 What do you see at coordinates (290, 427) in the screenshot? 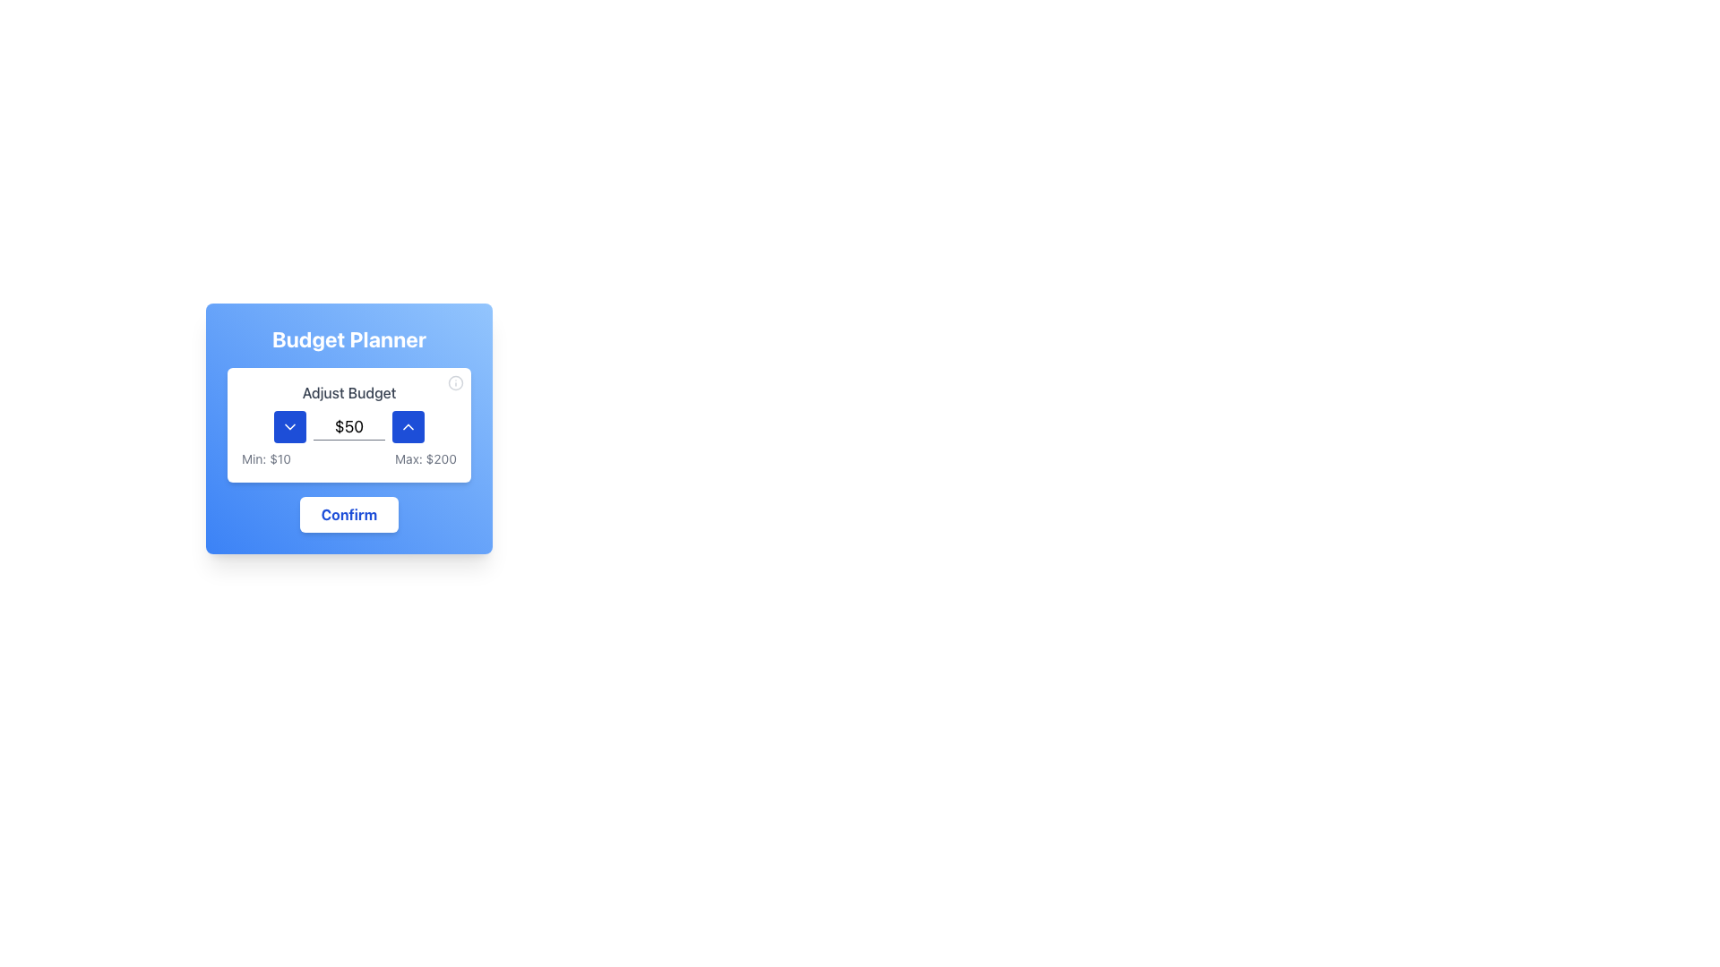
I see `the downward action icon located within the blue circular button to decrease the value in the 'Adjust Budget' section next to the '$50' numeric input field` at bounding box center [290, 427].